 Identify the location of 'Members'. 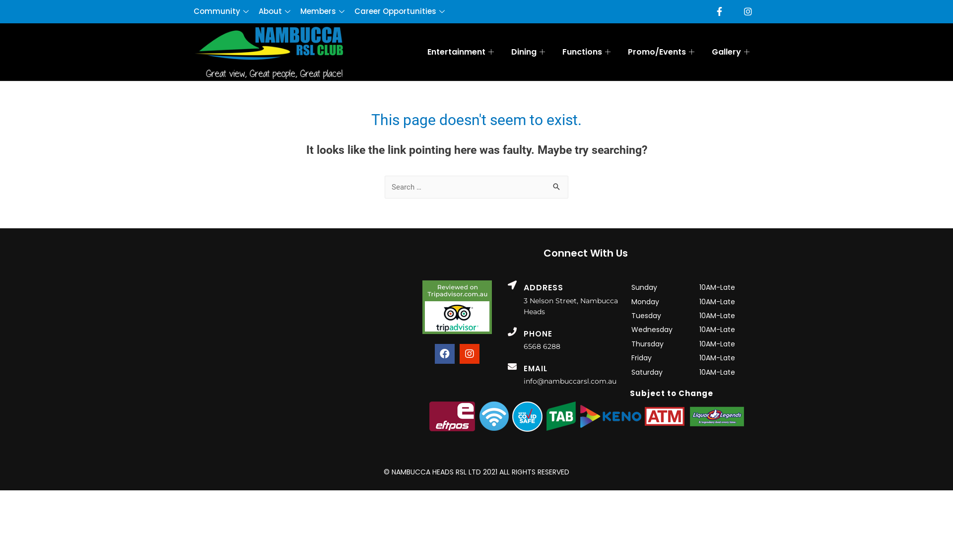
(327, 11).